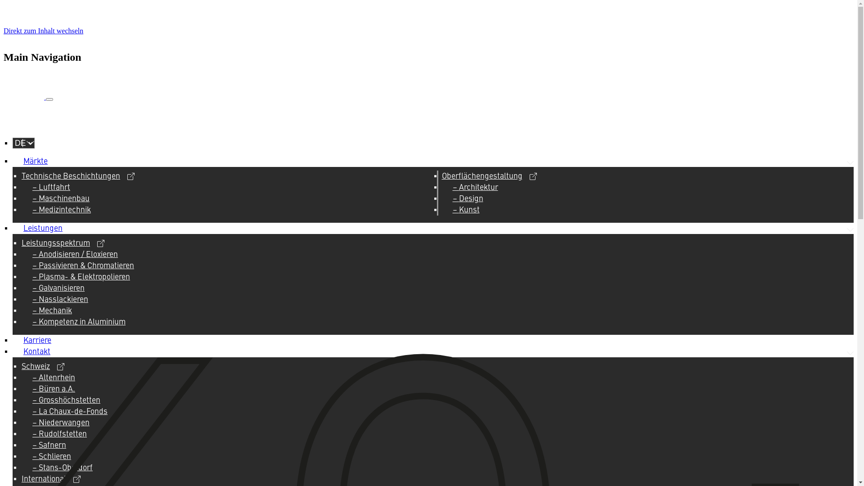 The height and width of the screenshot is (486, 864). Describe the element at coordinates (22, 423) in the screenshot. I see `'Niederwangen'` at that location.